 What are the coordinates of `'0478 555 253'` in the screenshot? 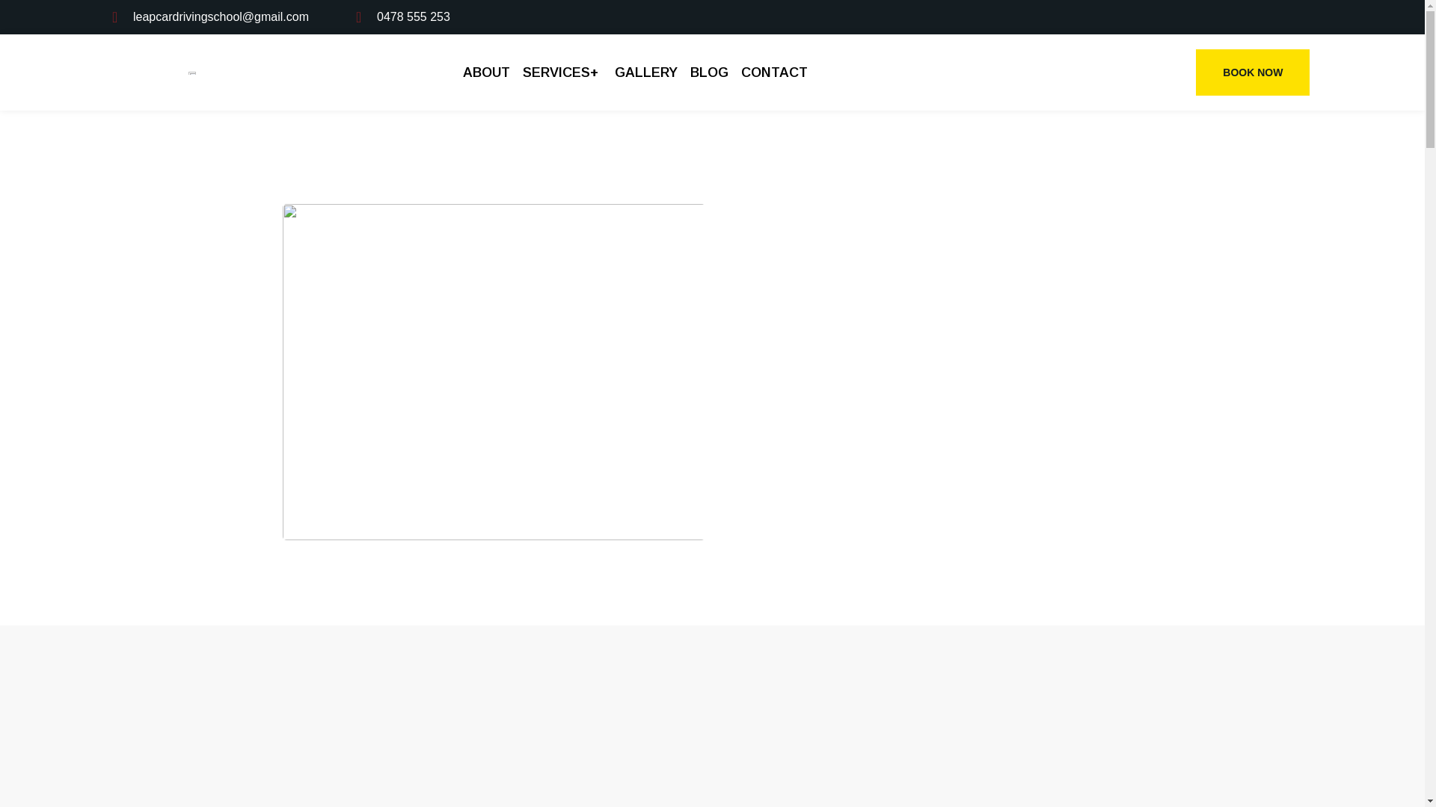 It's located at (402, 17).